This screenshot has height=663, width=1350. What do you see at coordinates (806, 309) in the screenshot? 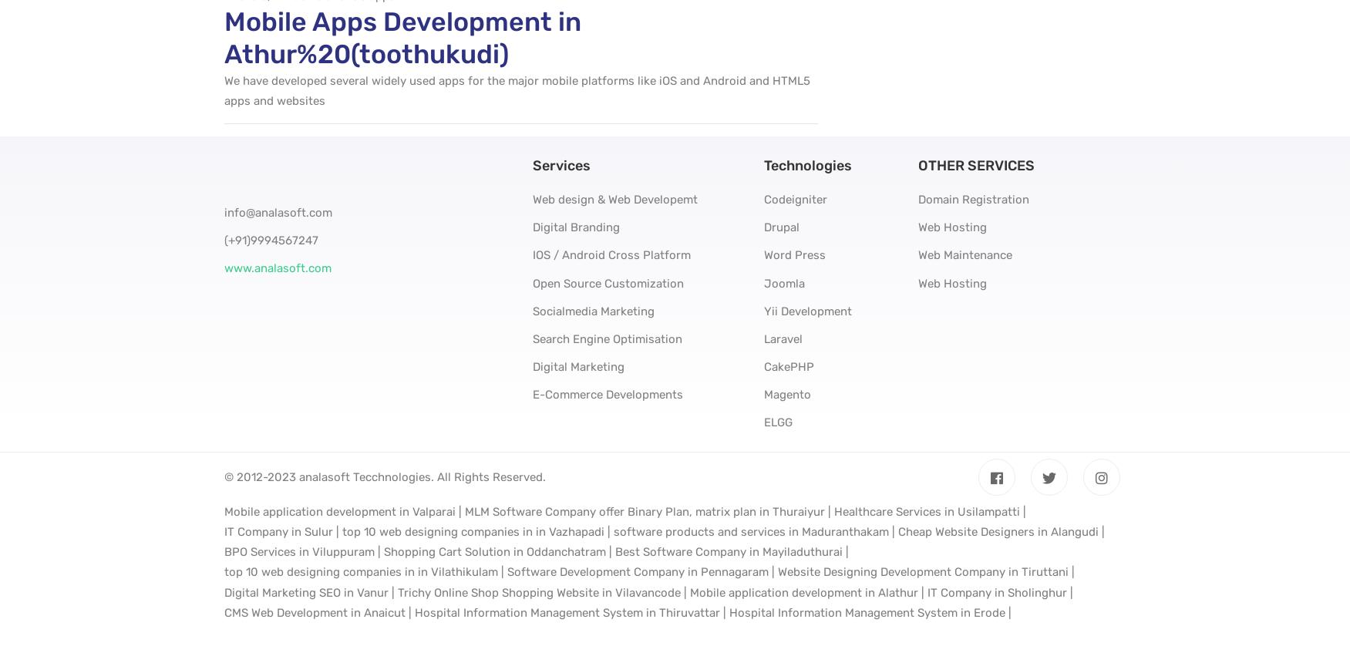
I see `'Yii Development'` at bounding box center [806, 309].